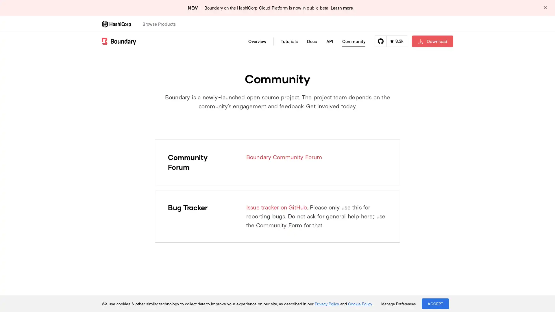  Describe the element at coordinates (162, 24) in the screenshot. I see `Browse Products Open this menu` at that location.